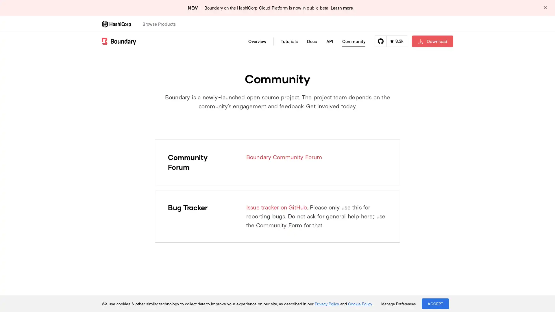  Describe the element at coordinates (162, 24) in the screenshot. I see `Browse Products Open this menu` at that location.